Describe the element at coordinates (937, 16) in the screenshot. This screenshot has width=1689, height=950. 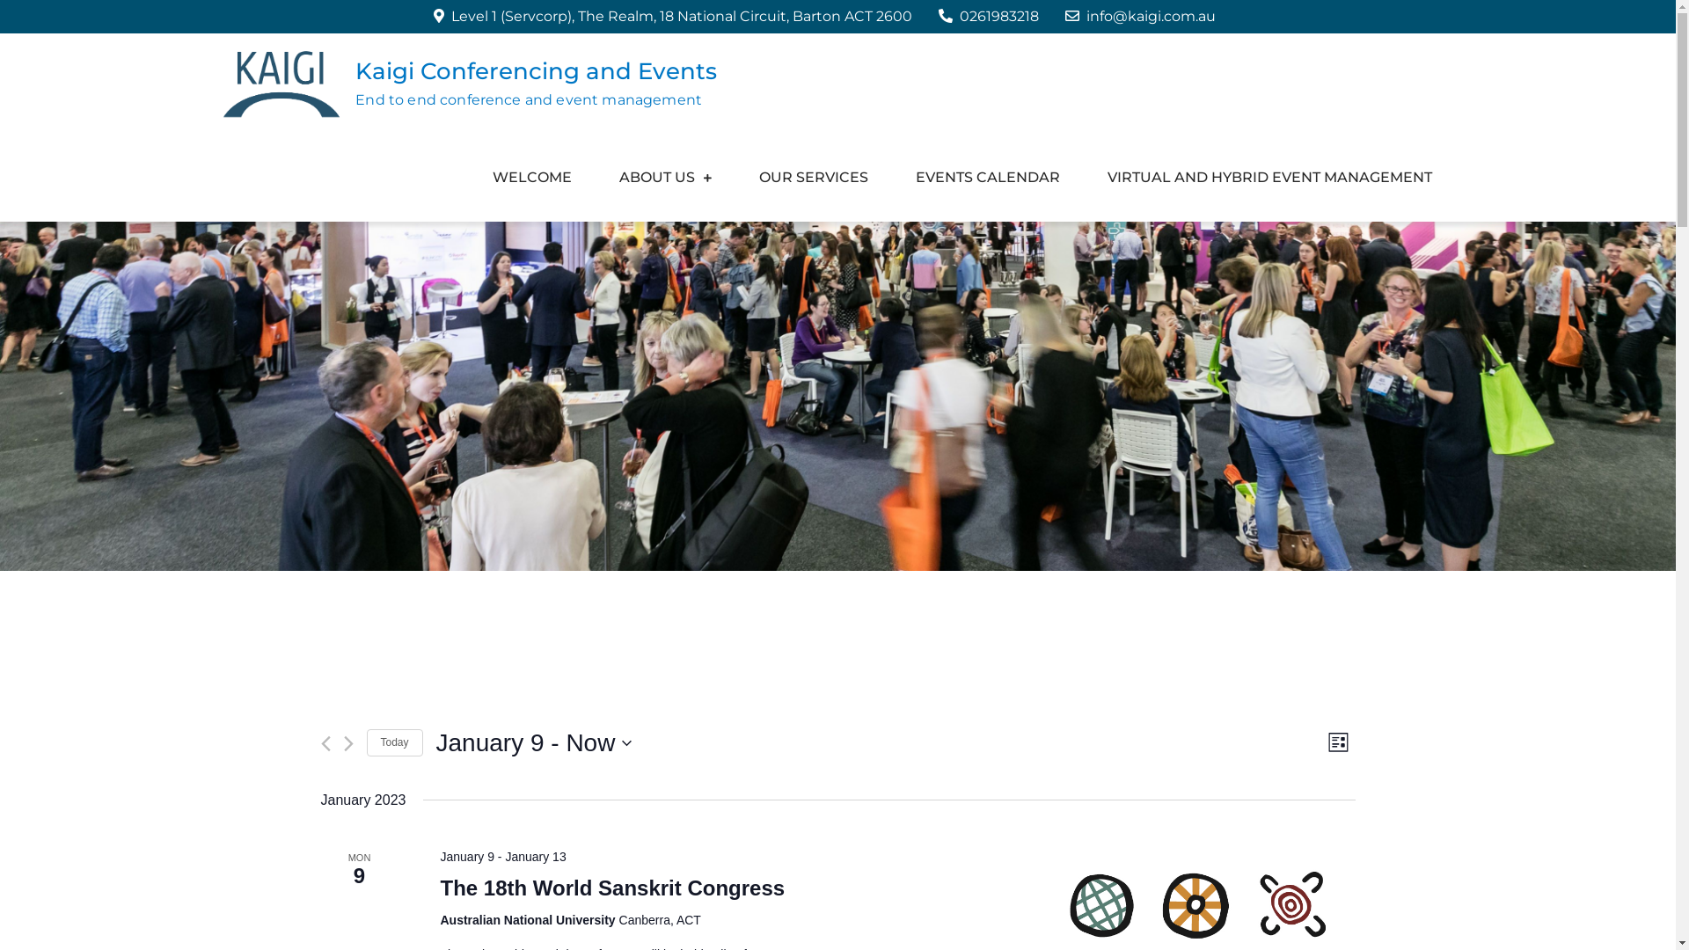
I see `'0261983218'` at that location.